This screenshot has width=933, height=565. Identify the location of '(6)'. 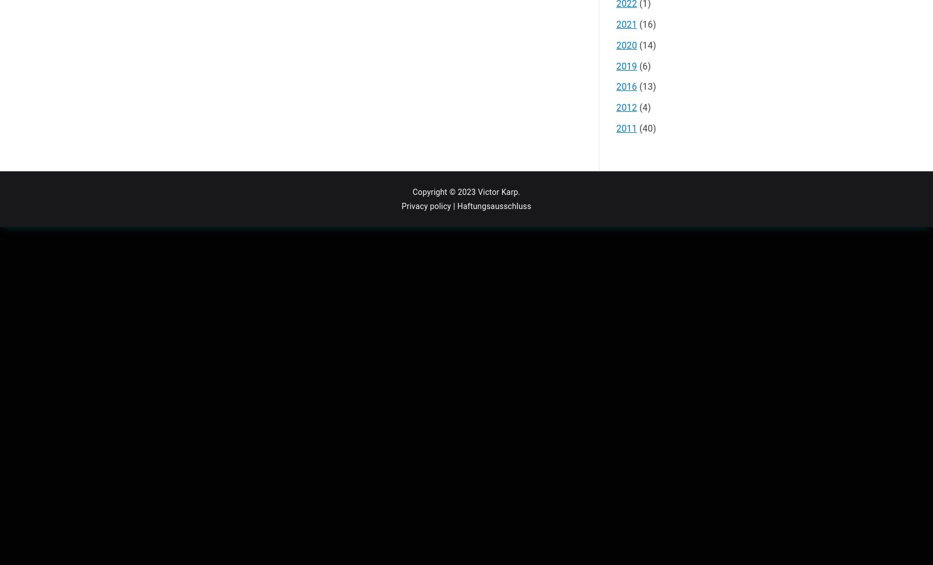
(643, 65).